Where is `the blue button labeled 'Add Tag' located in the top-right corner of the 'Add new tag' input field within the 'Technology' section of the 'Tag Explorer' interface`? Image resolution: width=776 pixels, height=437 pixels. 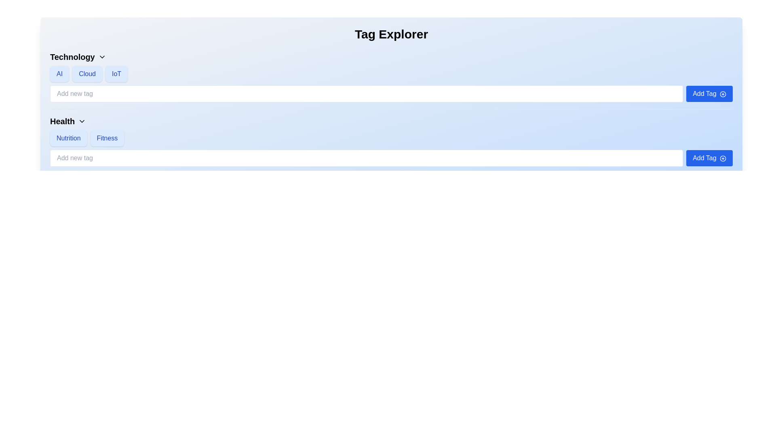
the blue button labeled 'Add Tag' located in the top-right corner of the 'Add new tag' input field within the 'Technology' section of the 'Tag Explorer' interface is located at coordinates (709, 93).